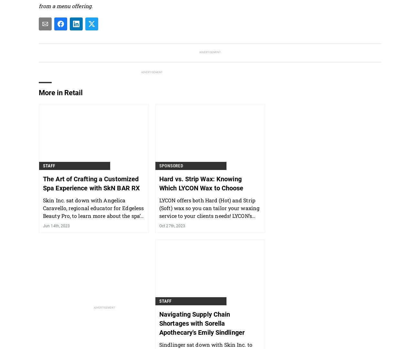  What do you see at coordinates (159, 165) in the screenshot?
I see `'Sponsored'` at bounding box center [159, 165].